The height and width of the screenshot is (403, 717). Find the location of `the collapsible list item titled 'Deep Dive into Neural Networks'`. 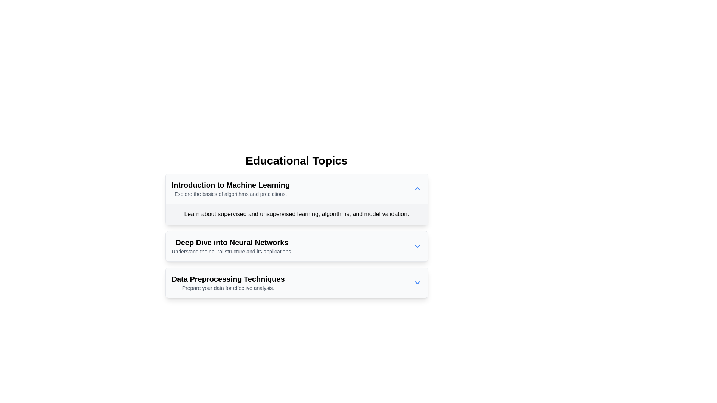

the collapsible list item titled 'Deep Dive into Neural Networks' is located at coordinates (296, 246).